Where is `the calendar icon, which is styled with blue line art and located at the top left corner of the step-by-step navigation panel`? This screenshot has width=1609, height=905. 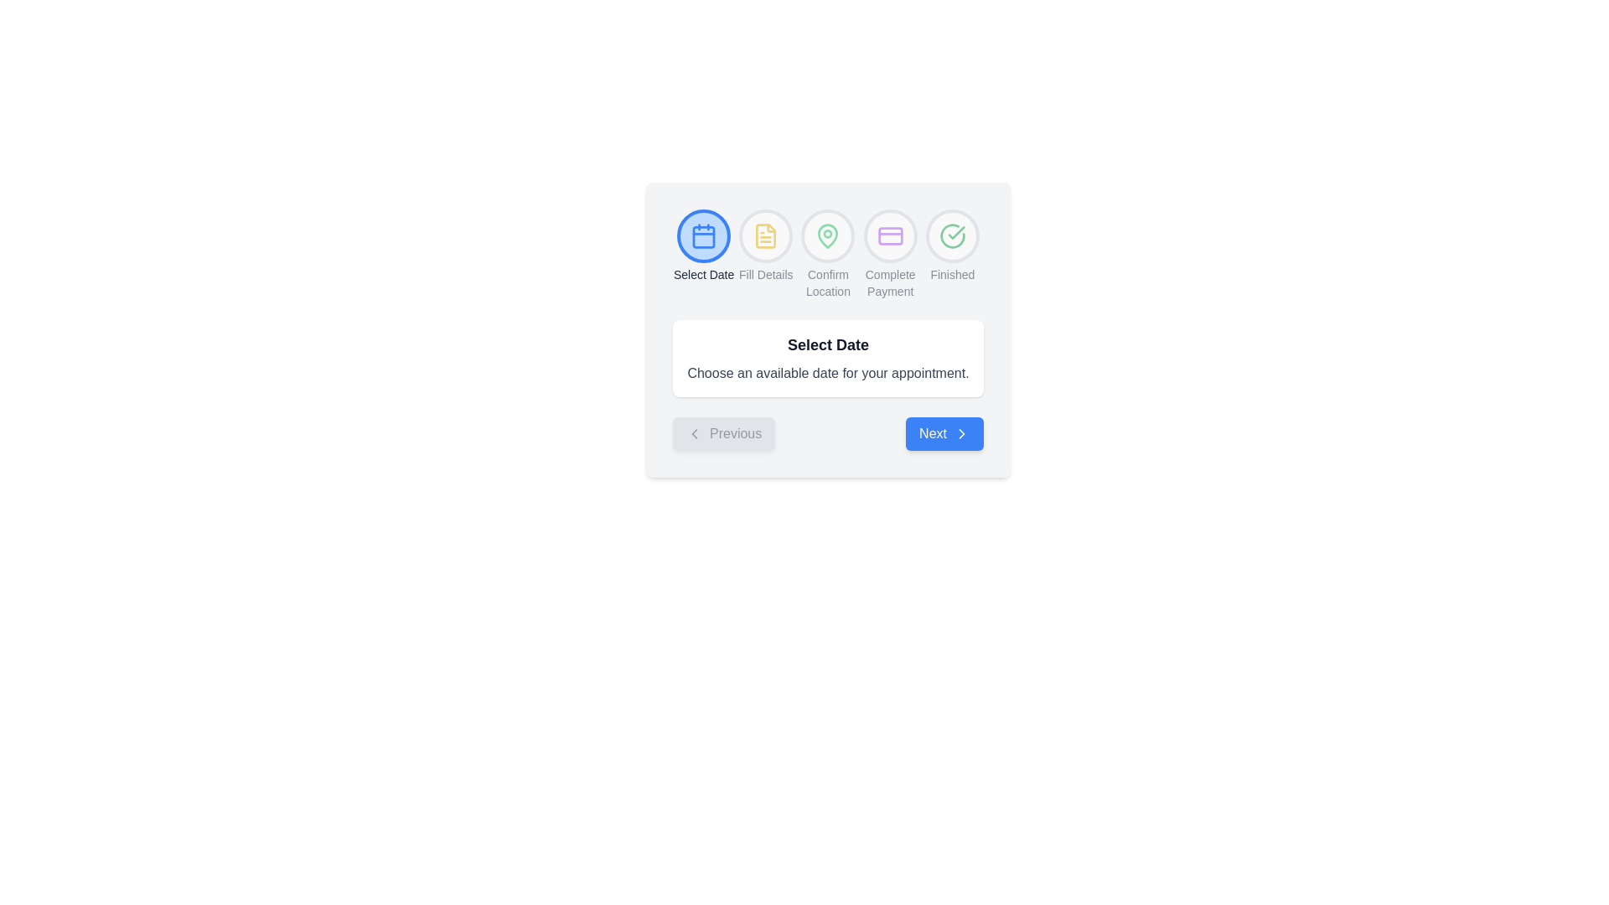 the calendar icon, which is styled with blue line art and located at the top left corner of the step-by-step navigation panel is located at coordinates (704, 235).